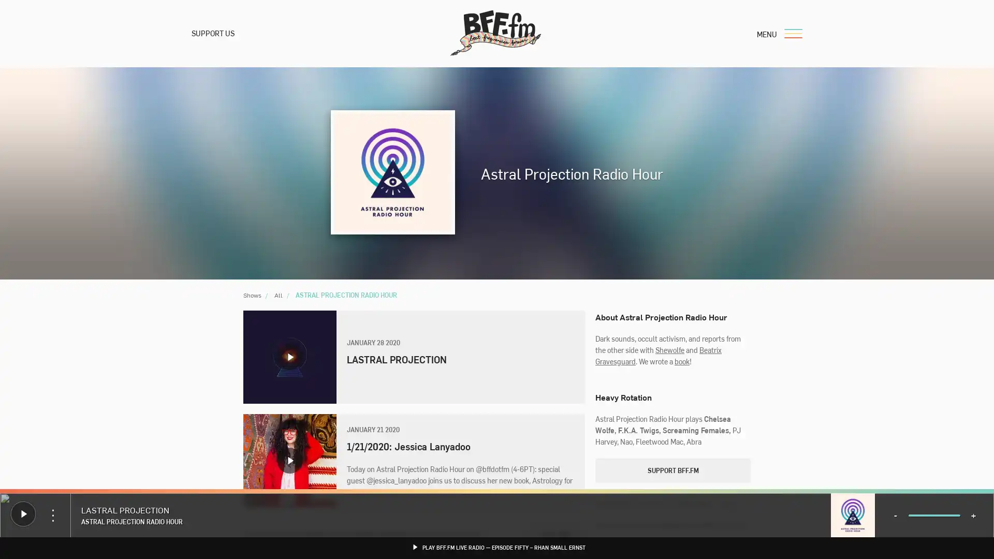  Describe the element at coordinates (290, 357) in the screenshot. I see `Play` at that location.